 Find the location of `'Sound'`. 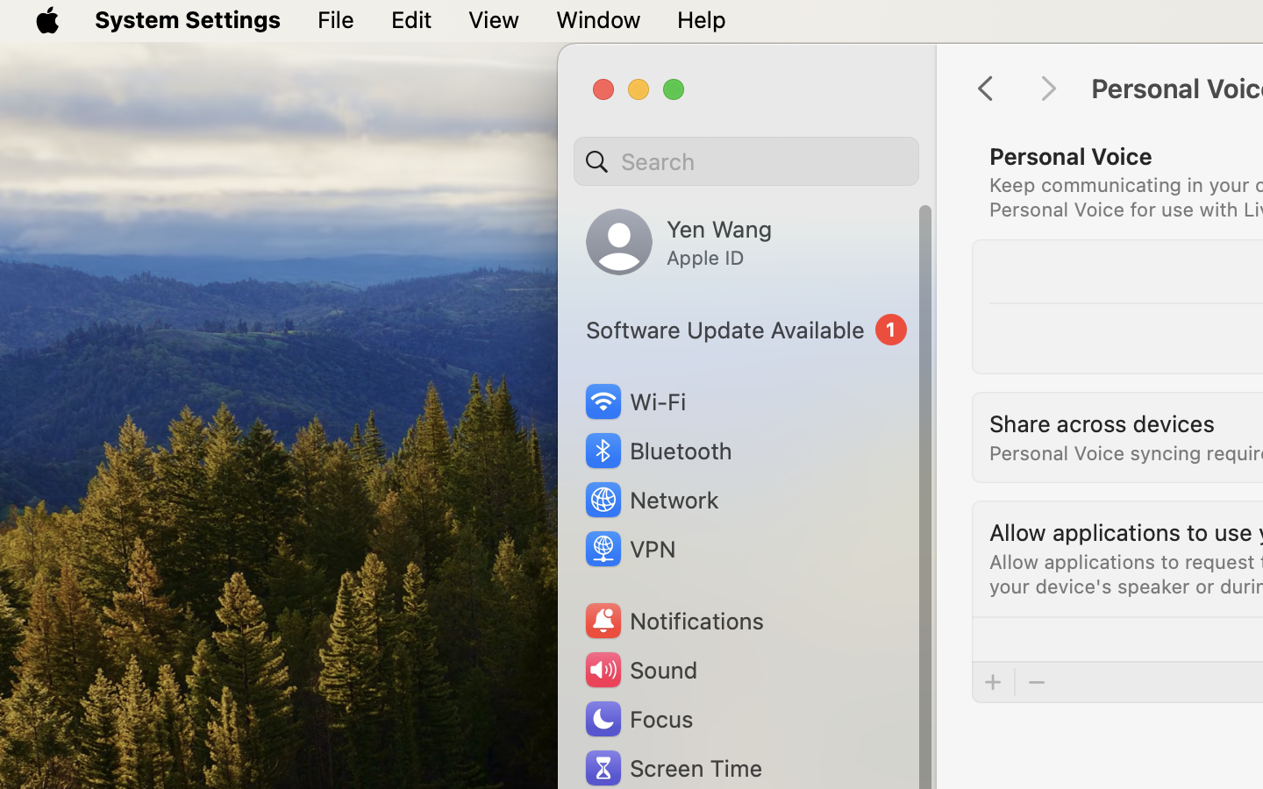

'Sound' is located at coordinates (639, 669).